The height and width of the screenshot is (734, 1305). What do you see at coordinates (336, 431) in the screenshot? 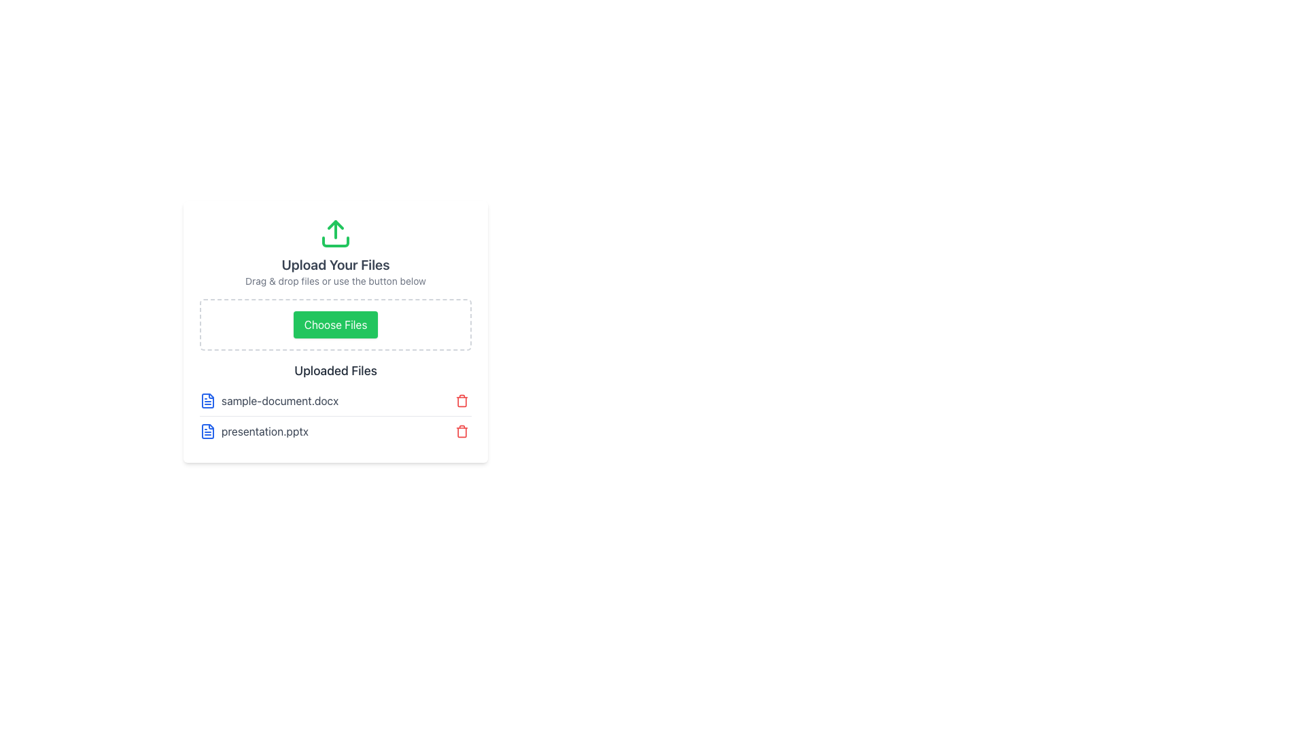
I see `the file name 'presentation.pptx' in the second row of the file upload list` at bounding box center [336, 431].